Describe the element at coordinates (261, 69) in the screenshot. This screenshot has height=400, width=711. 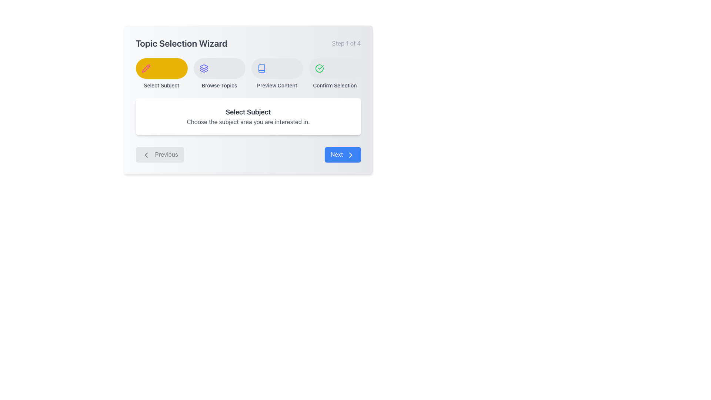
I see `the book-shaped SVG icon with a blue stroke outline located in the 'Preview Content' section to proceed to the preview content` at that location.